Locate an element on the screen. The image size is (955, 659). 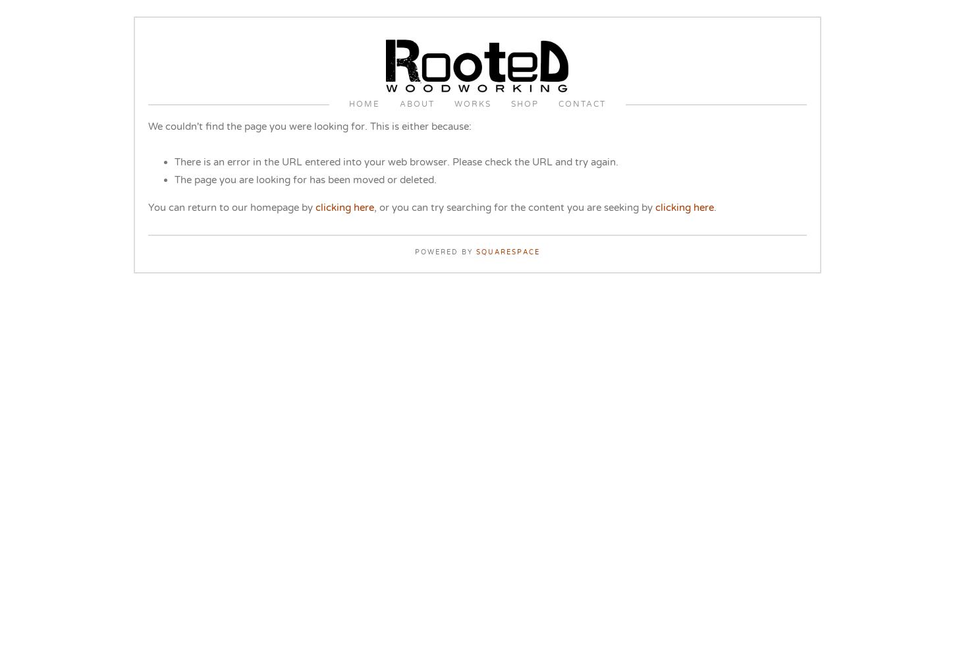
'We couldn't find the page you were looking for. This is either because:' is located at coordinates (309, 126).